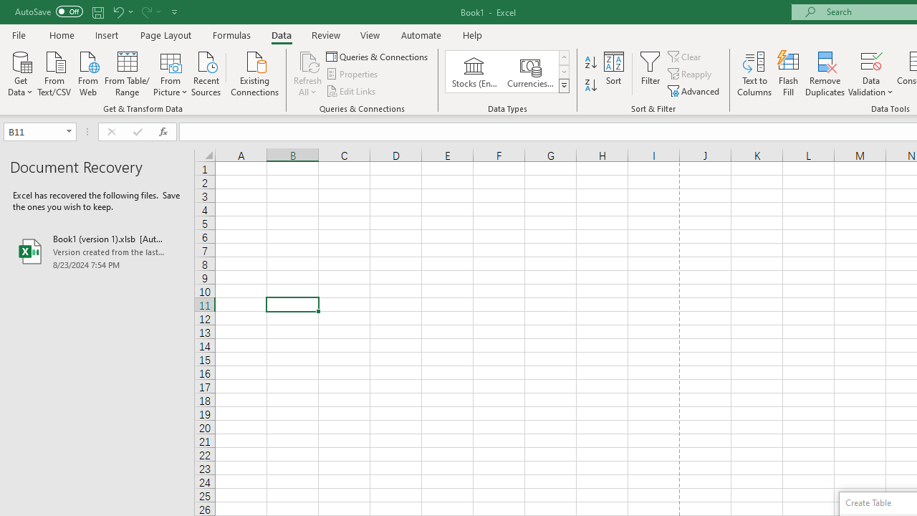  Describe the element at coordinates (421, 34) in the screenshot. I see `'Automate'` at that location.